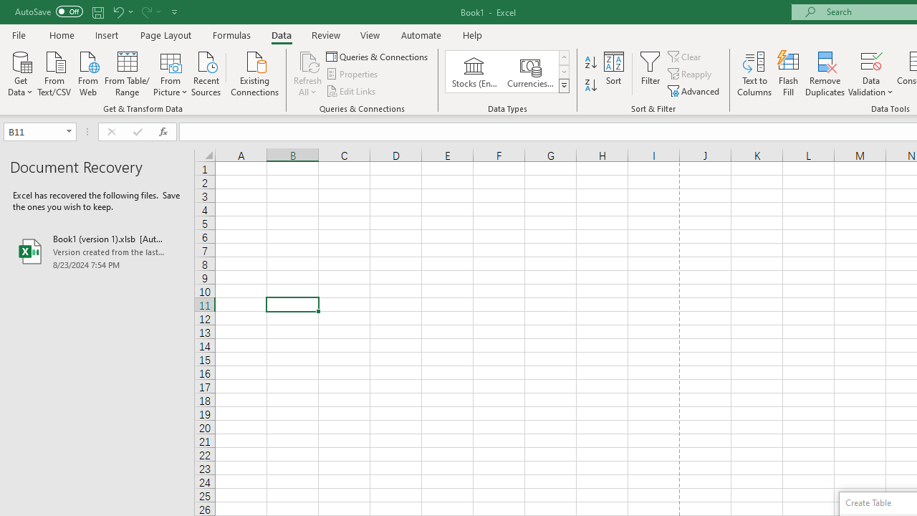  Describe the element at coordinates (421, 34) in the screenshot. I see `'Automate'` at that location.